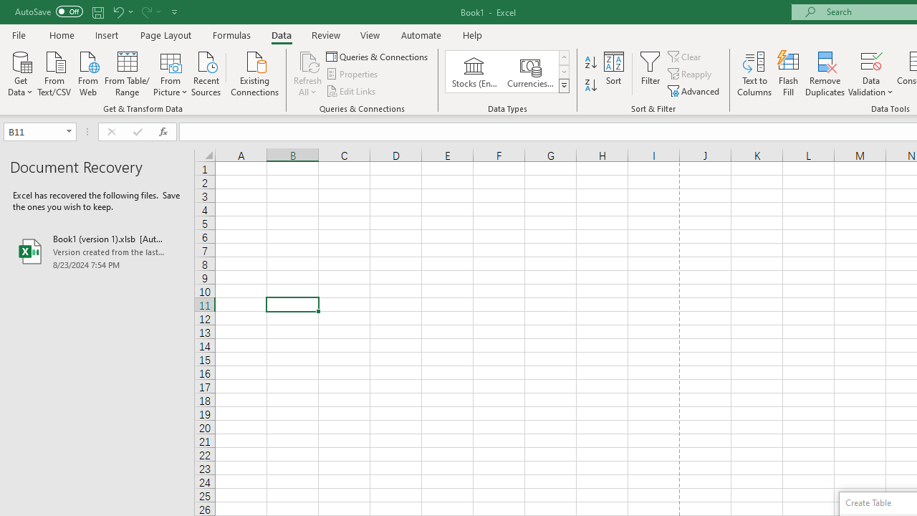  Describe the element at coordinates (421, 34) in the screenshot. I see `'Automate'` at that location.